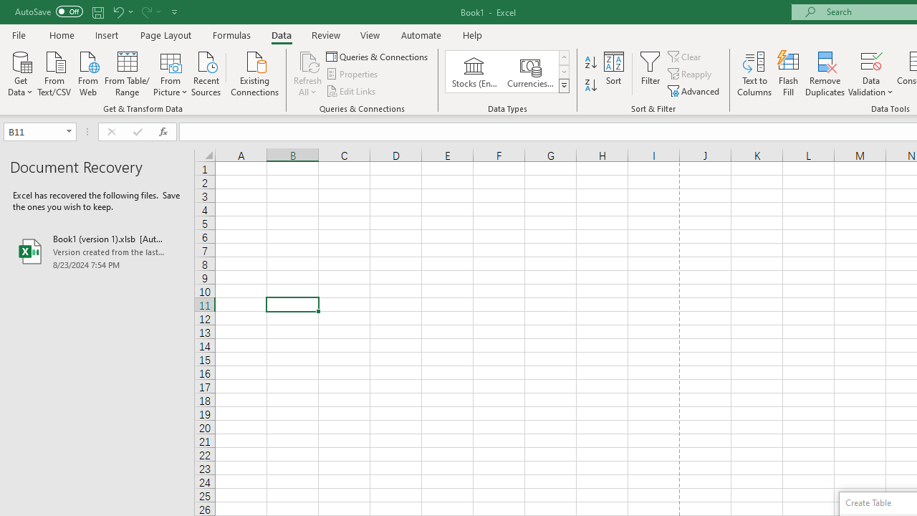  Describe the element at coordinates (421, 34) in the screenshot. I see `'Automate'` at that location.